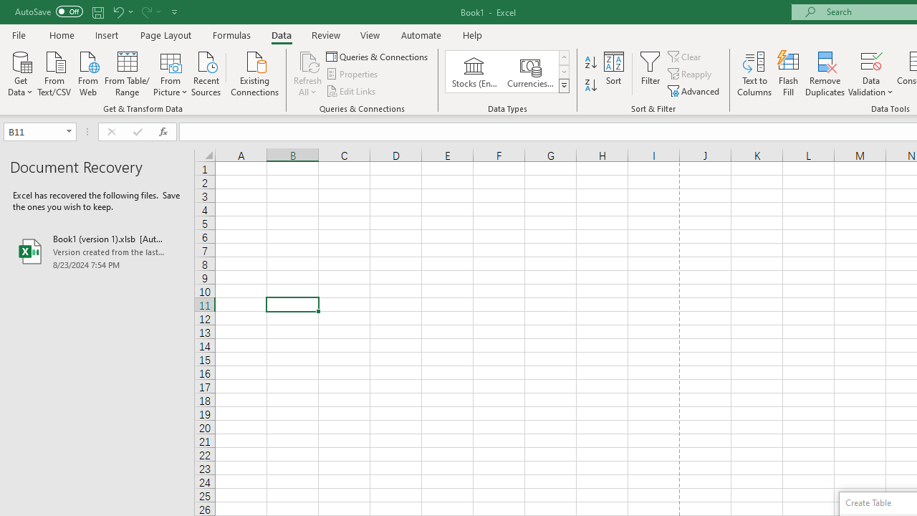  Describe the element at coordinates (421, 34) in the screenshot. I see `'Automate'` at that location.